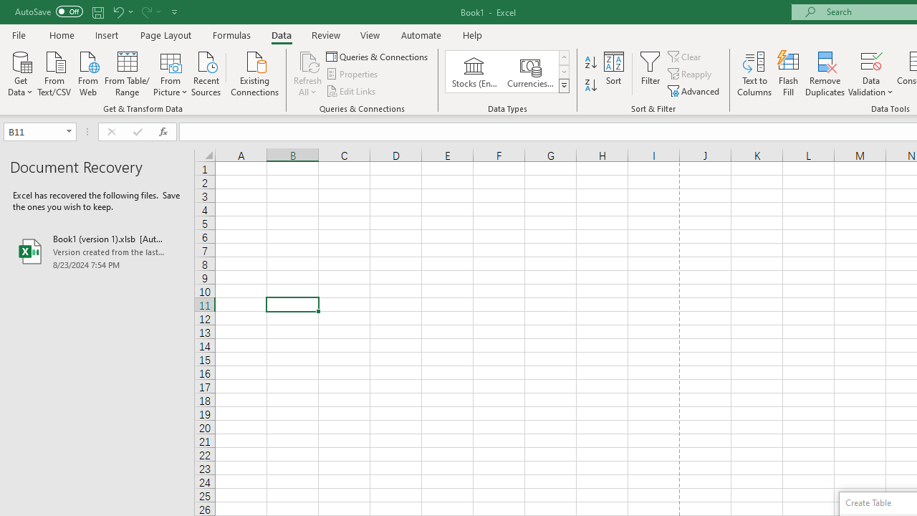  Describe the element at coordinates (421, 34) in the screenshot. I see `'Automate'` at that location.